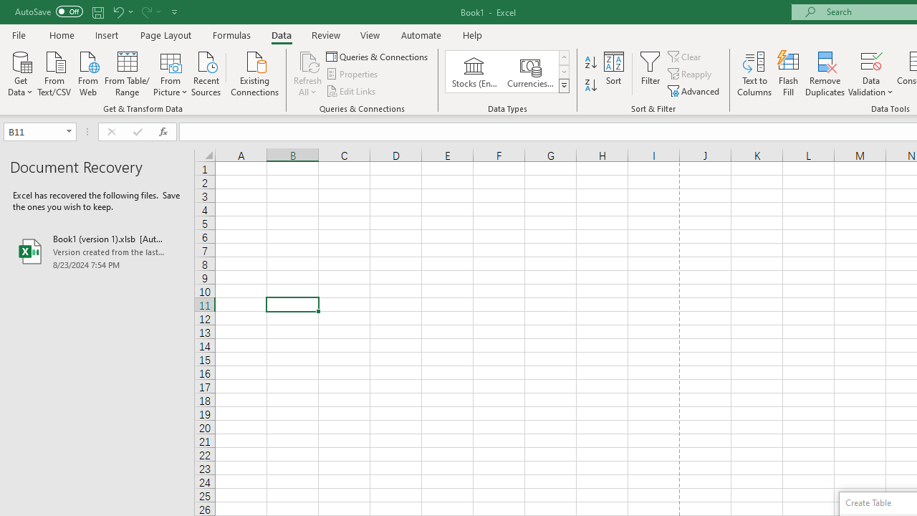  Describe the element at coordinates (421, 34) in the screenshot. I see `'Automate'` at that location.